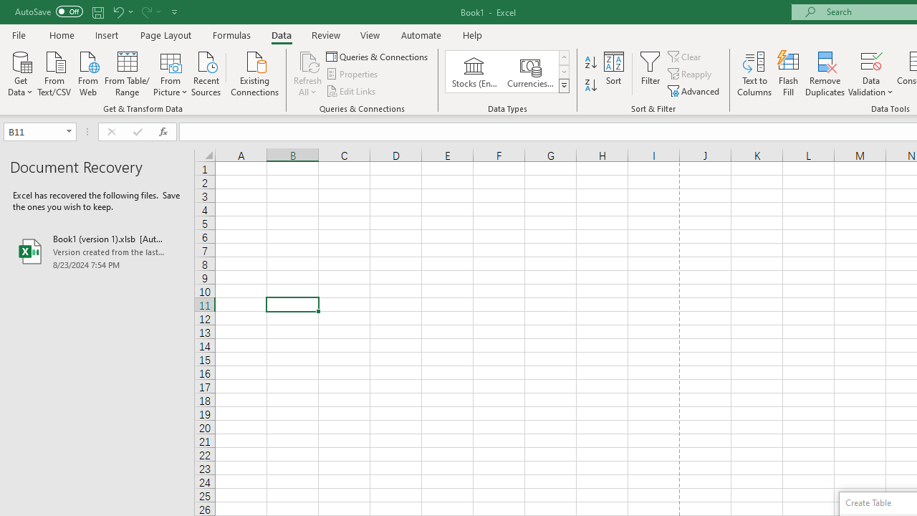  Describe the element at coordinates (421, 34) in the screenshot. I see `'Automate'` at that location.